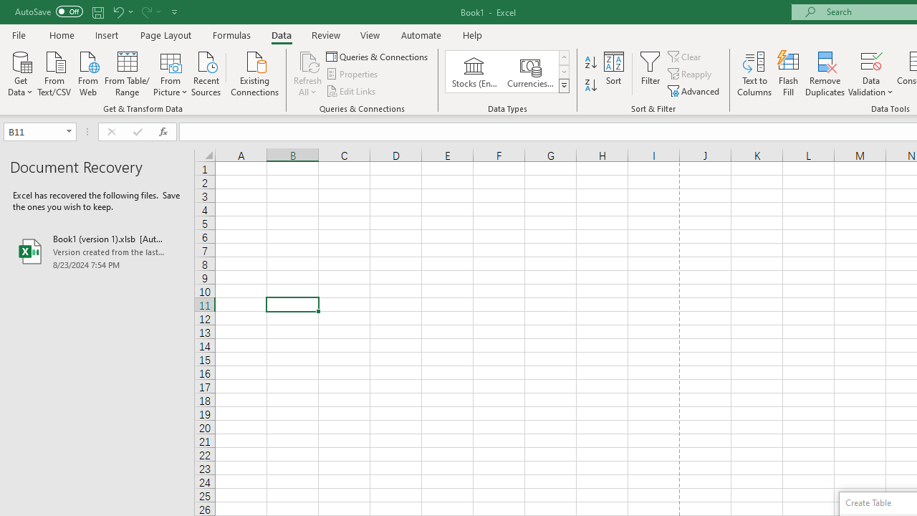  Describe the element at coordinates (421, 34) in the screenshot. I see `'Automate'` at that location.